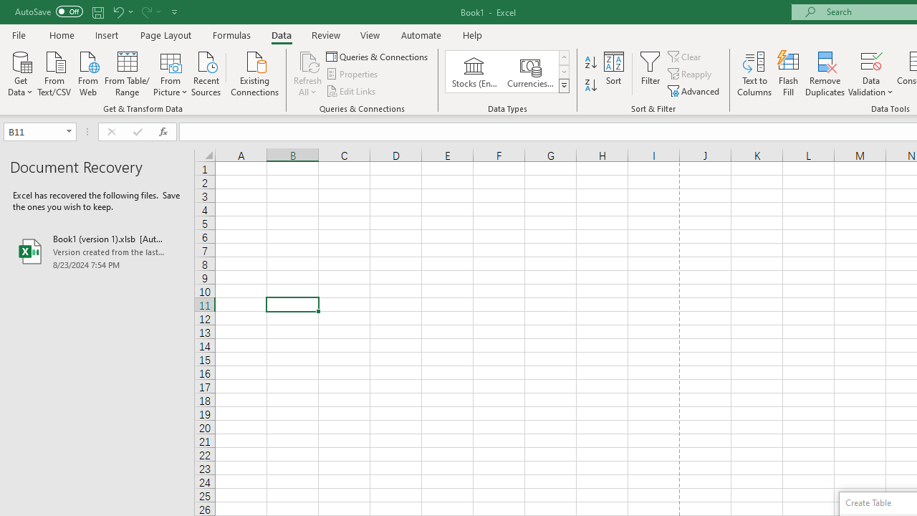  Describe the element at coordinates (421, 34) in the screenshot. I see `'Automate'` at that location.